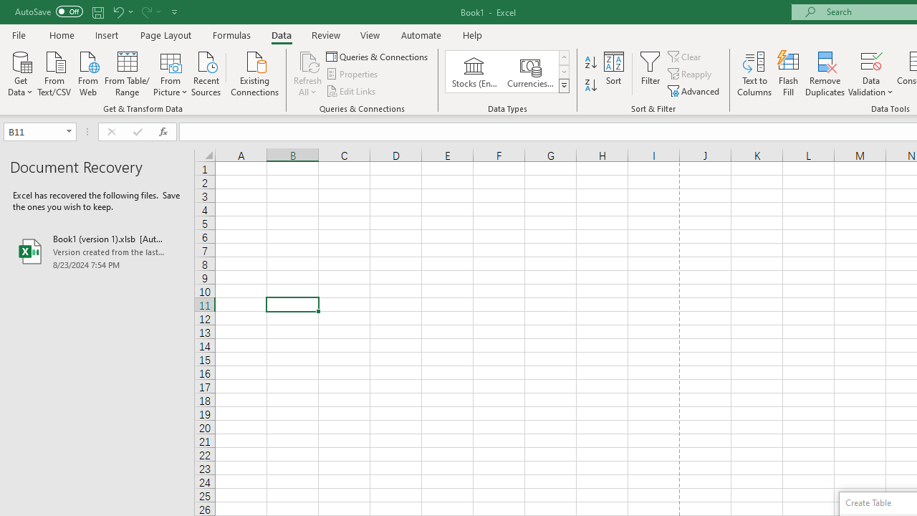  Describe the element at coordinates (421, 34) in the screenshot. I see `'Automate'` at that location.